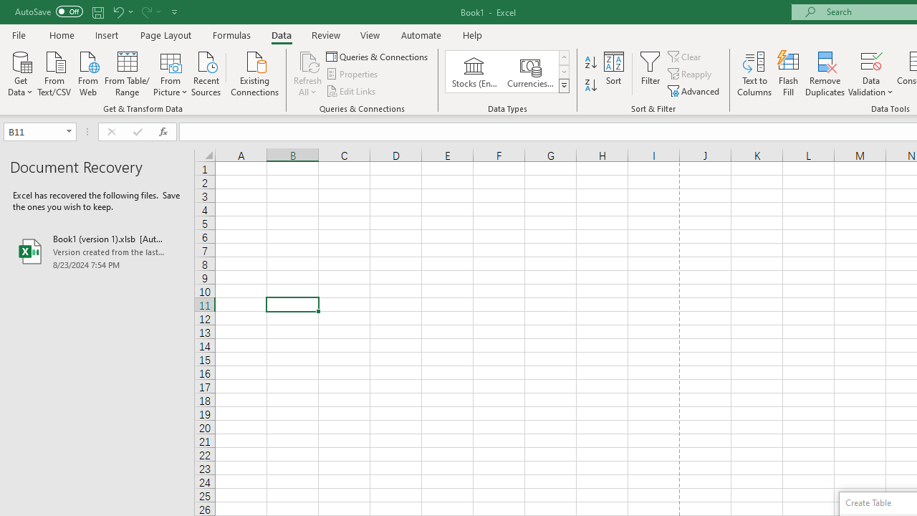  Describe the element at coordinates (421, 34) in the screenshot. I see `'Automate'` at that location.